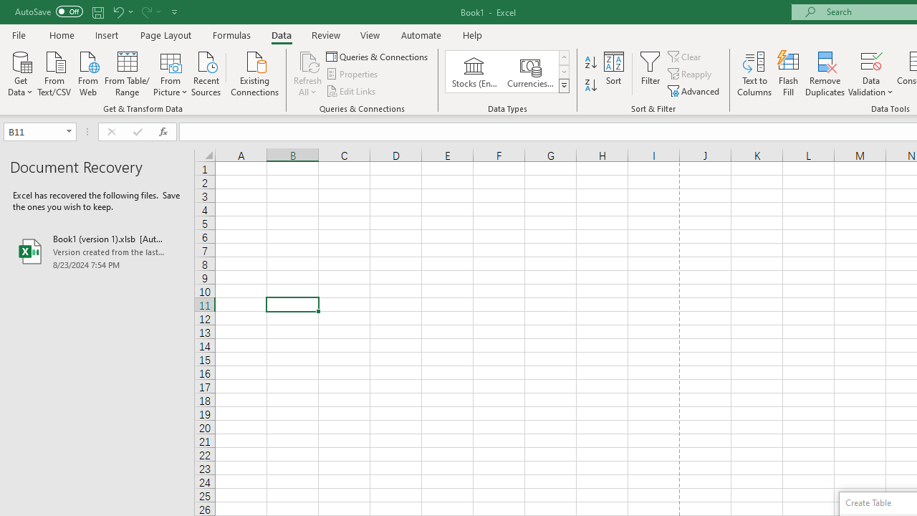  Describe the element at coordinates (421, 34) in the screenshot. I see `'Automate'` at that location.